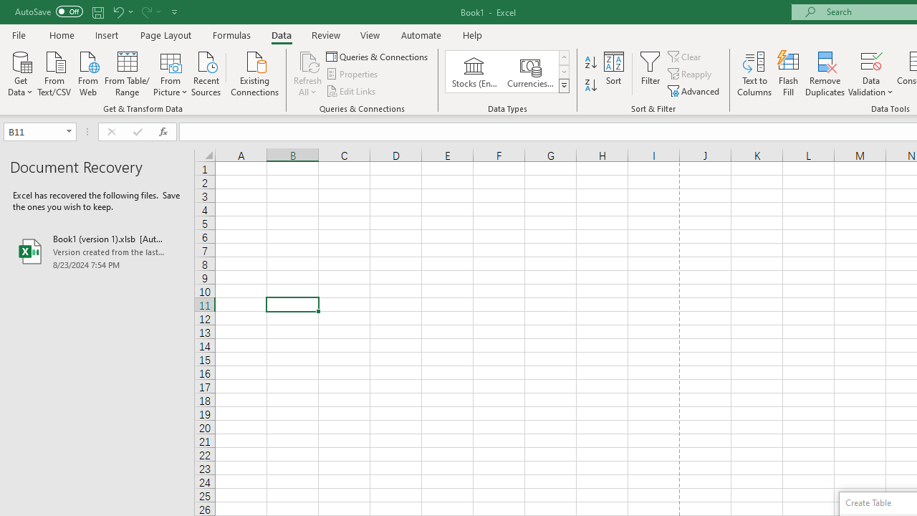  Describe the element at coordinates (421, 34) in the screenshot. I see `'Automate'` at that location.